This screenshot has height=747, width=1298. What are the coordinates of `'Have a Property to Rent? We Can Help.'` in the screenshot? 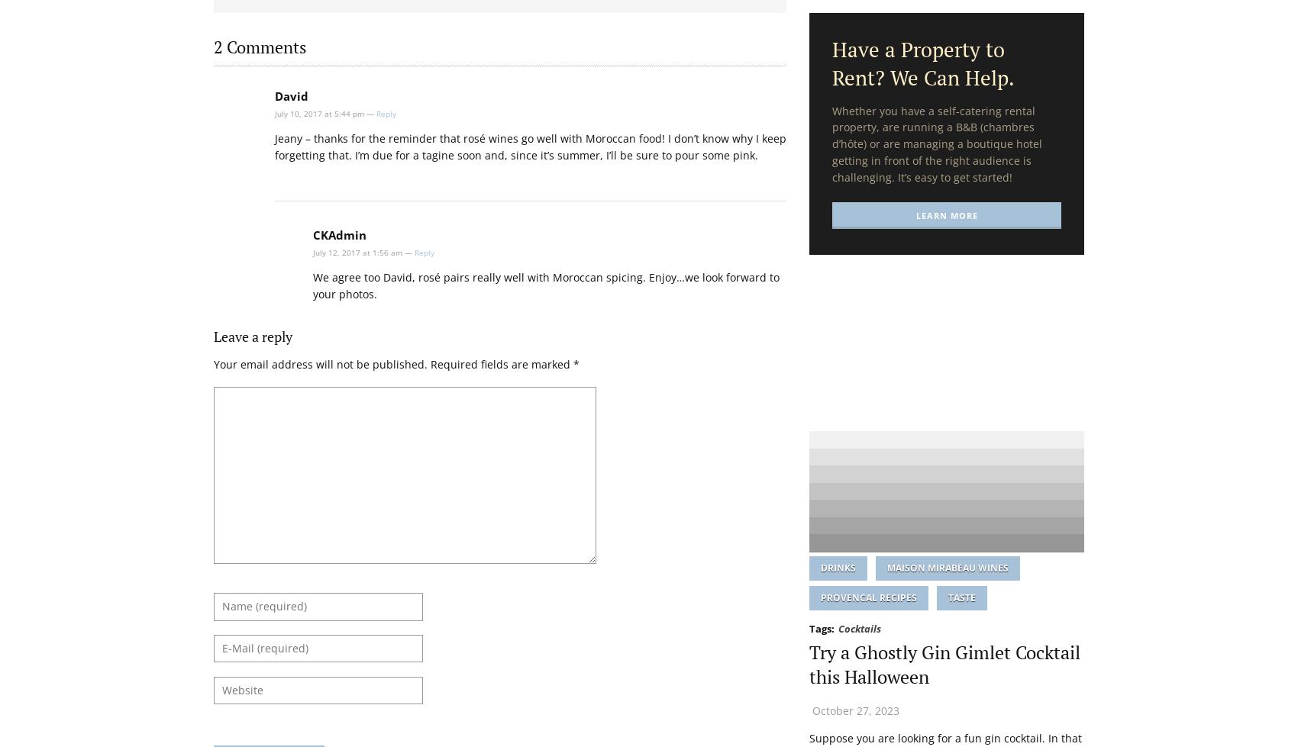 It's located at (922, 63).